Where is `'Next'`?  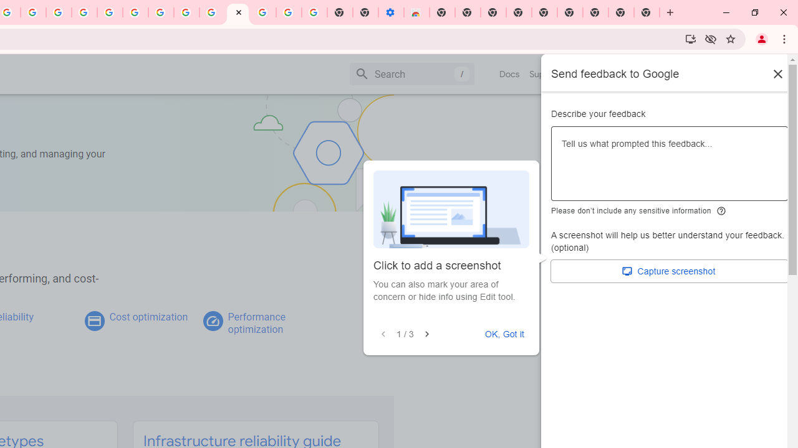 'Next' is located at coordinates (426, 334).